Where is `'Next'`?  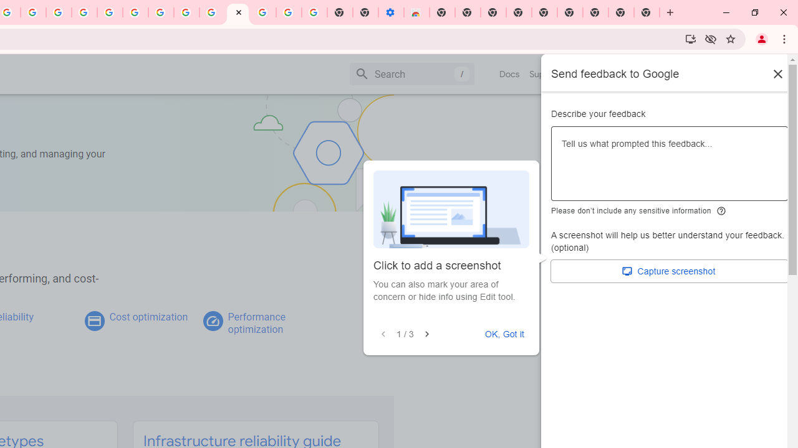 'Next' is located at coordinates (426, 334).